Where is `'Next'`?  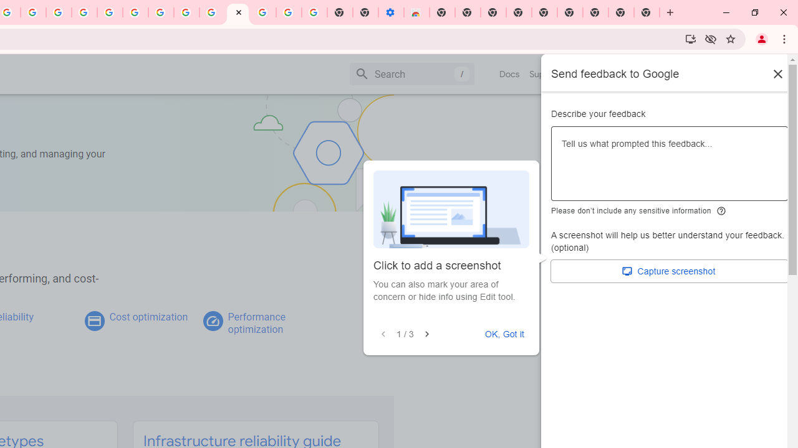 'Next' is located at coordinates (426, 334).